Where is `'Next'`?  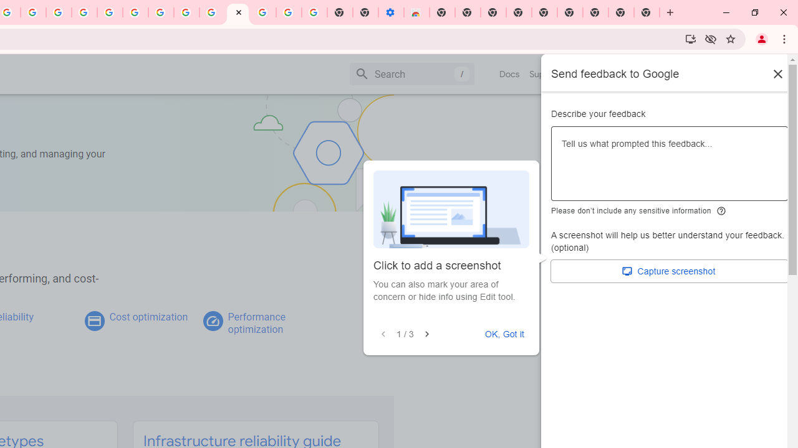 'Next' is located at coordinates (426, 334).